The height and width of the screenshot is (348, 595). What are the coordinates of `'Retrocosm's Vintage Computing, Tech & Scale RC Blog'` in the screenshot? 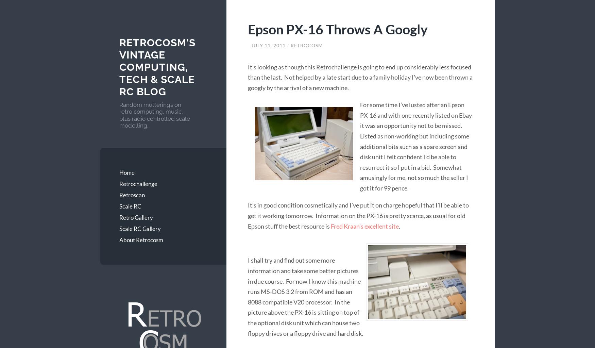 It's located at (157, 67).